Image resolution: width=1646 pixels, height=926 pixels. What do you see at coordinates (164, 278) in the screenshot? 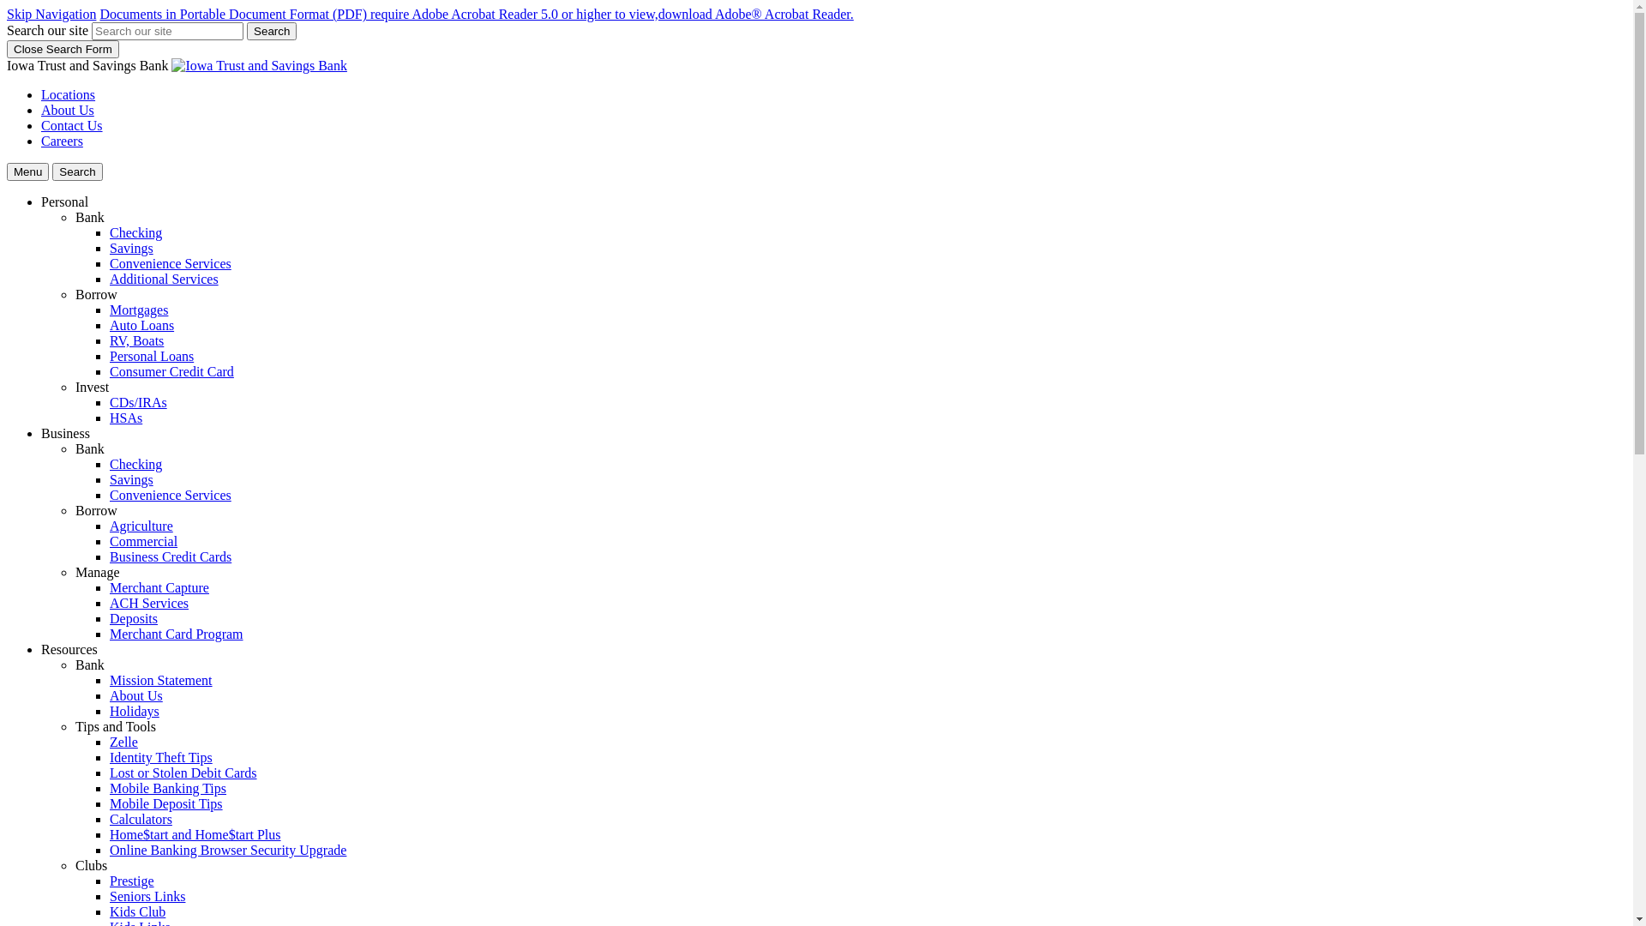
I see `'Additional Services'` at bounding box center [164, 278].